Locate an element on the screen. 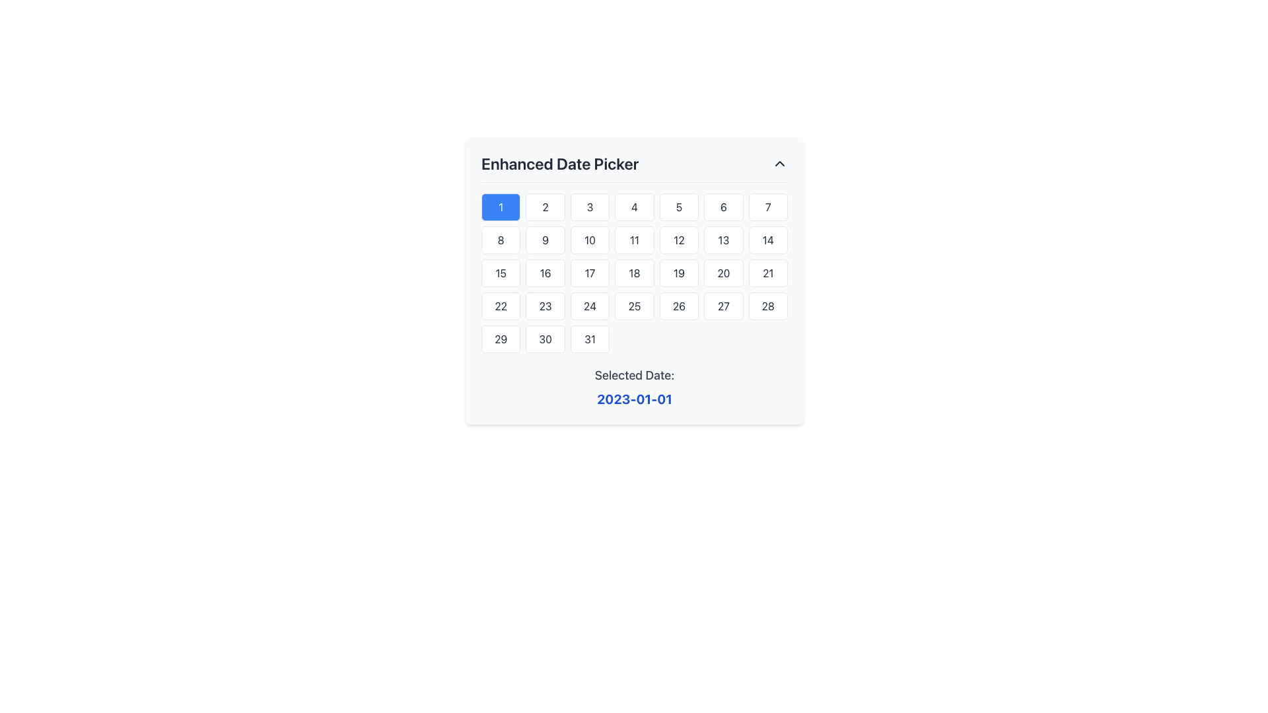 This screenshot has width=1268, height=713. the button representing day 26 in the date picker calendar is located at coordinates (679, 306).